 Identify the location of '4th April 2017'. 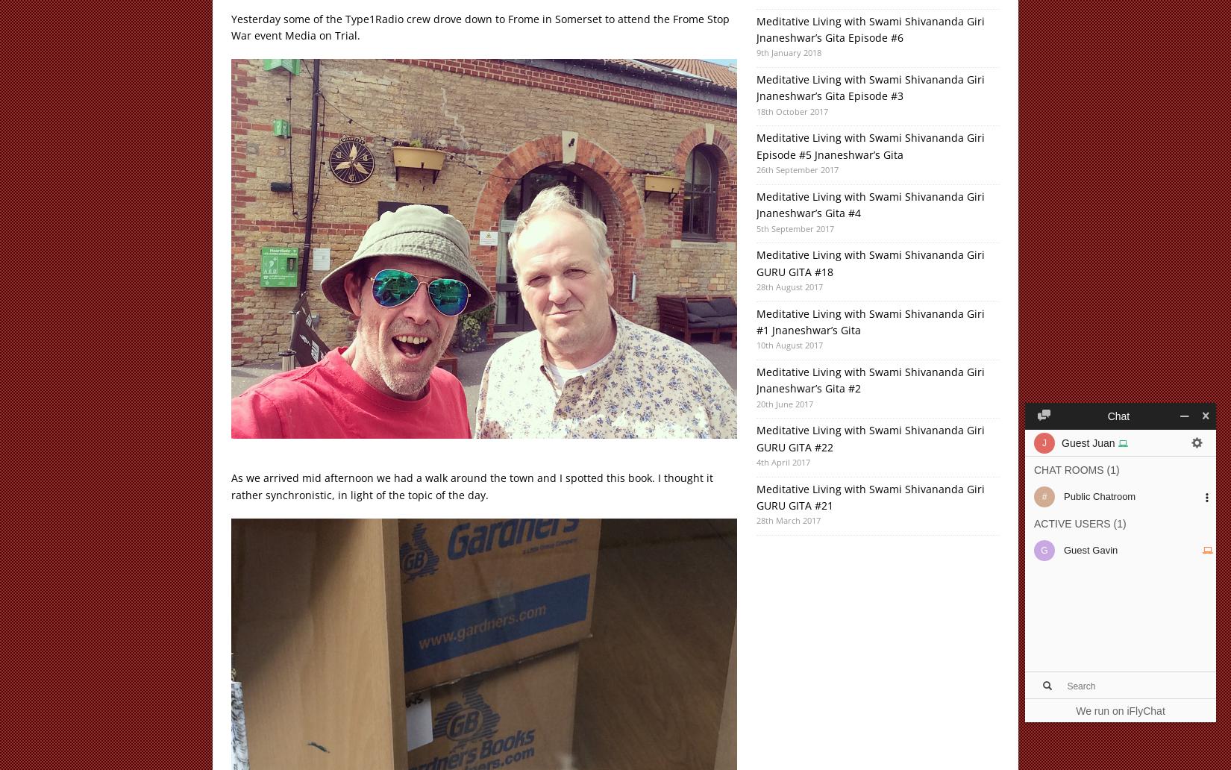
(783, 462).